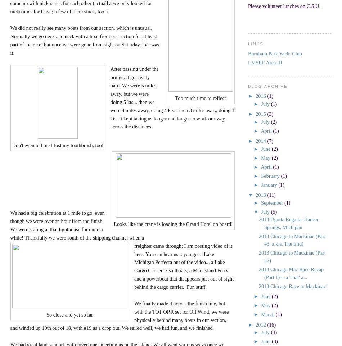 The height and width of the screenshot is (346, 342). Describe the element at coordinates (256, 324) in the screenshot. I see `'2012'` at that location.